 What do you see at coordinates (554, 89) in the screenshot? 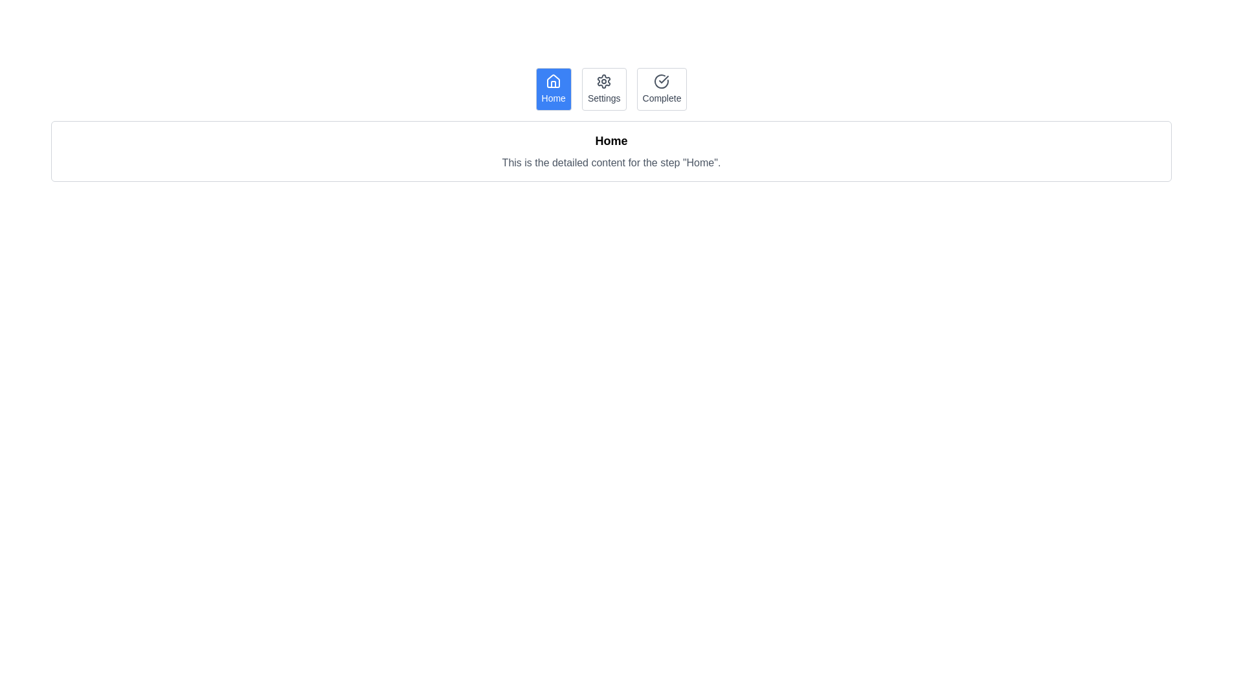
I see `the 'Home' interactive button located at the top of the interface to outline it for accessibility` at bounding box center [554, 89].